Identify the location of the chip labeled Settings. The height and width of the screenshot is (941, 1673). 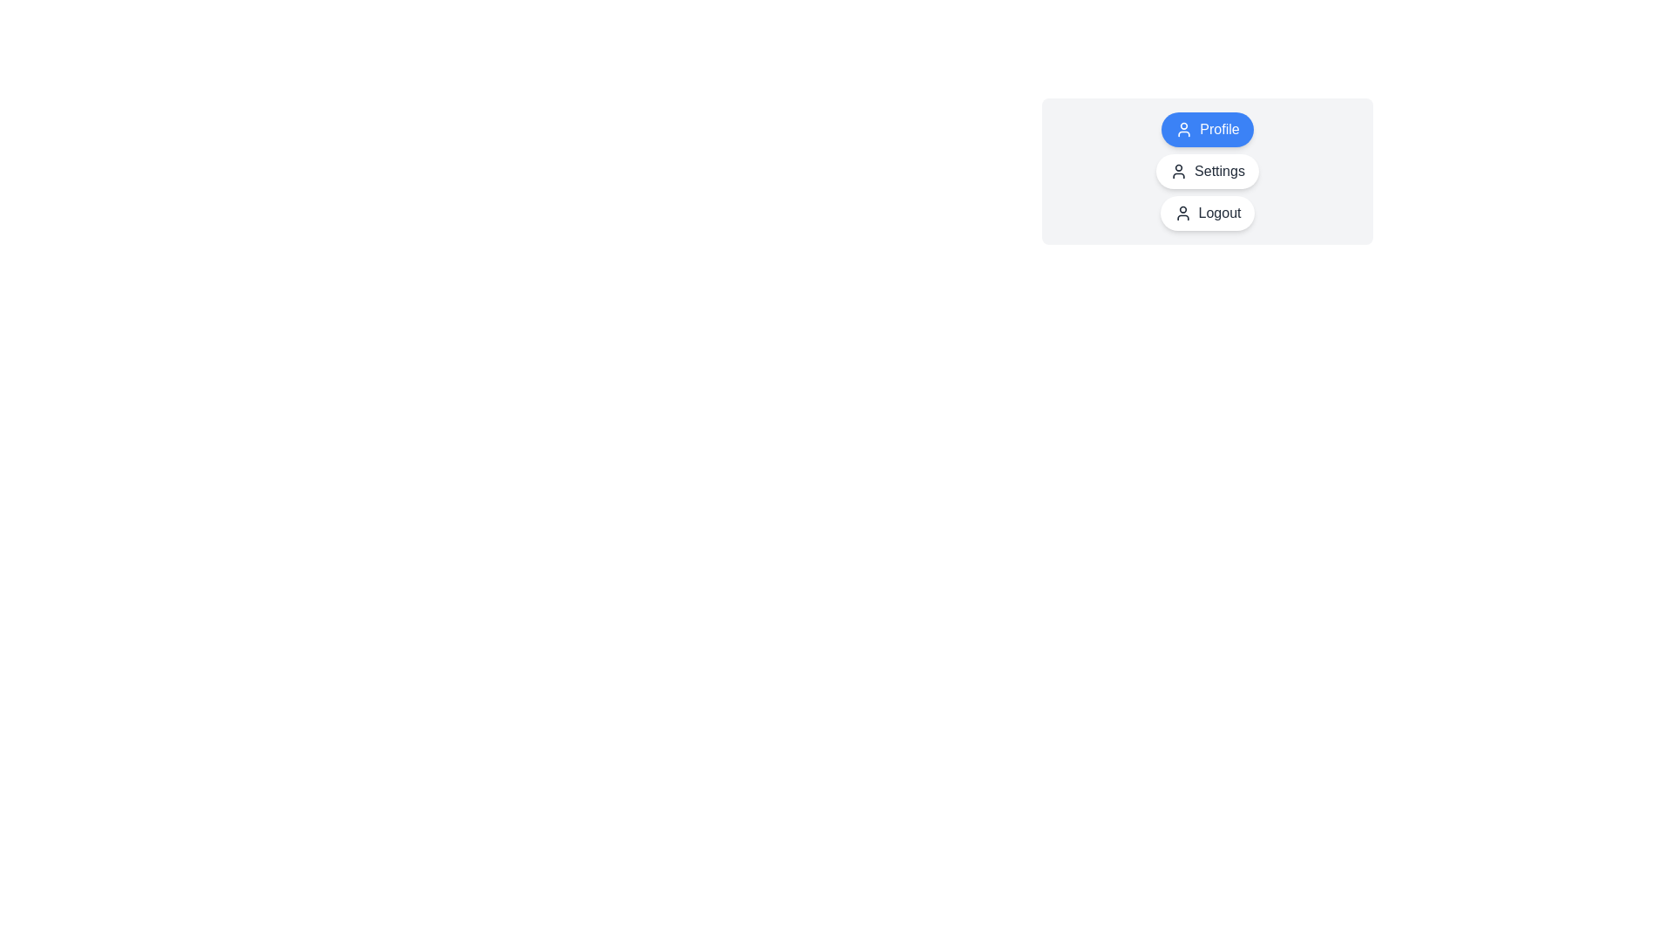
(1207, 171).